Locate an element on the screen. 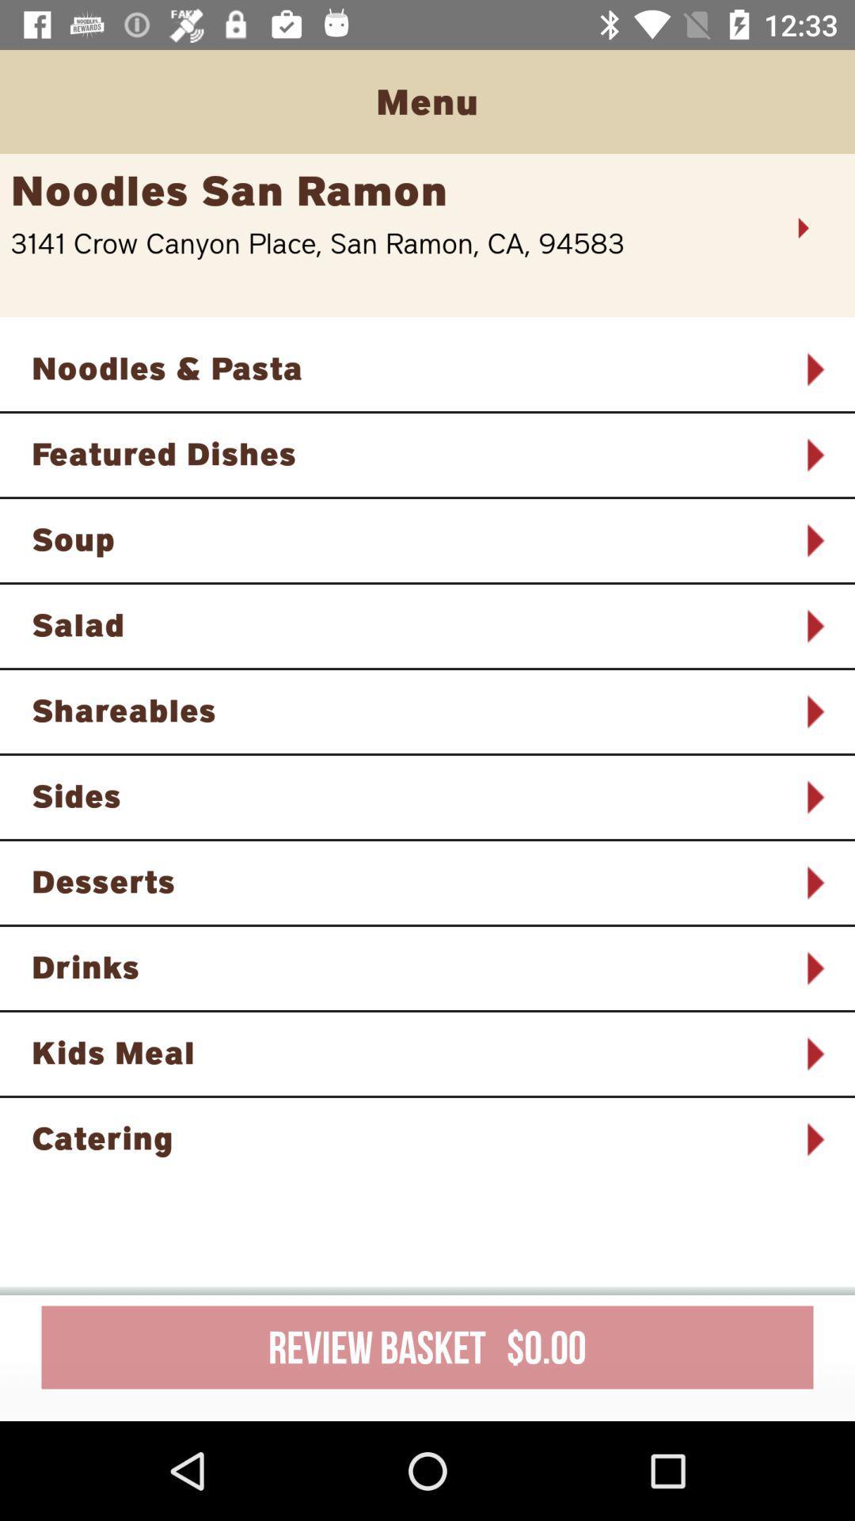 The image size is (855, 1521). the icon next to sides is located at coordinates (814, 797).